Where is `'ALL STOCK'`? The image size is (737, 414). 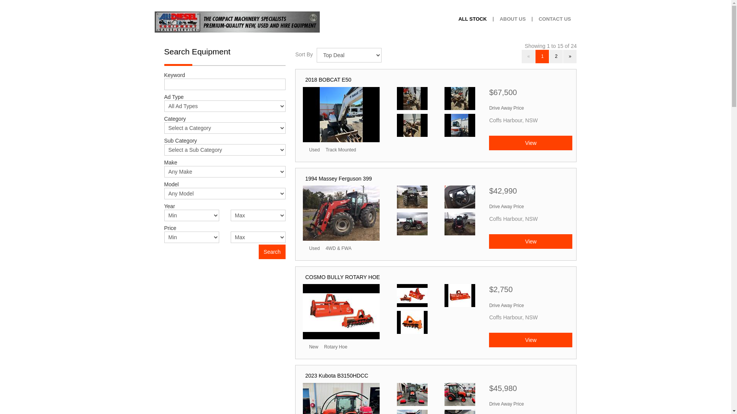
'ALL STOCK' is located at coordinates (472, 19).